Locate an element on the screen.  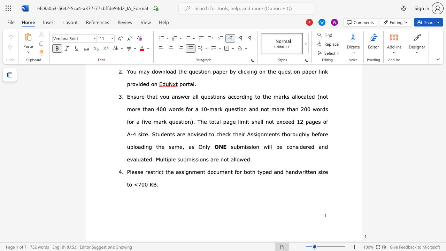
the 2th character "i" in the text is located at coordinates (192, 159).